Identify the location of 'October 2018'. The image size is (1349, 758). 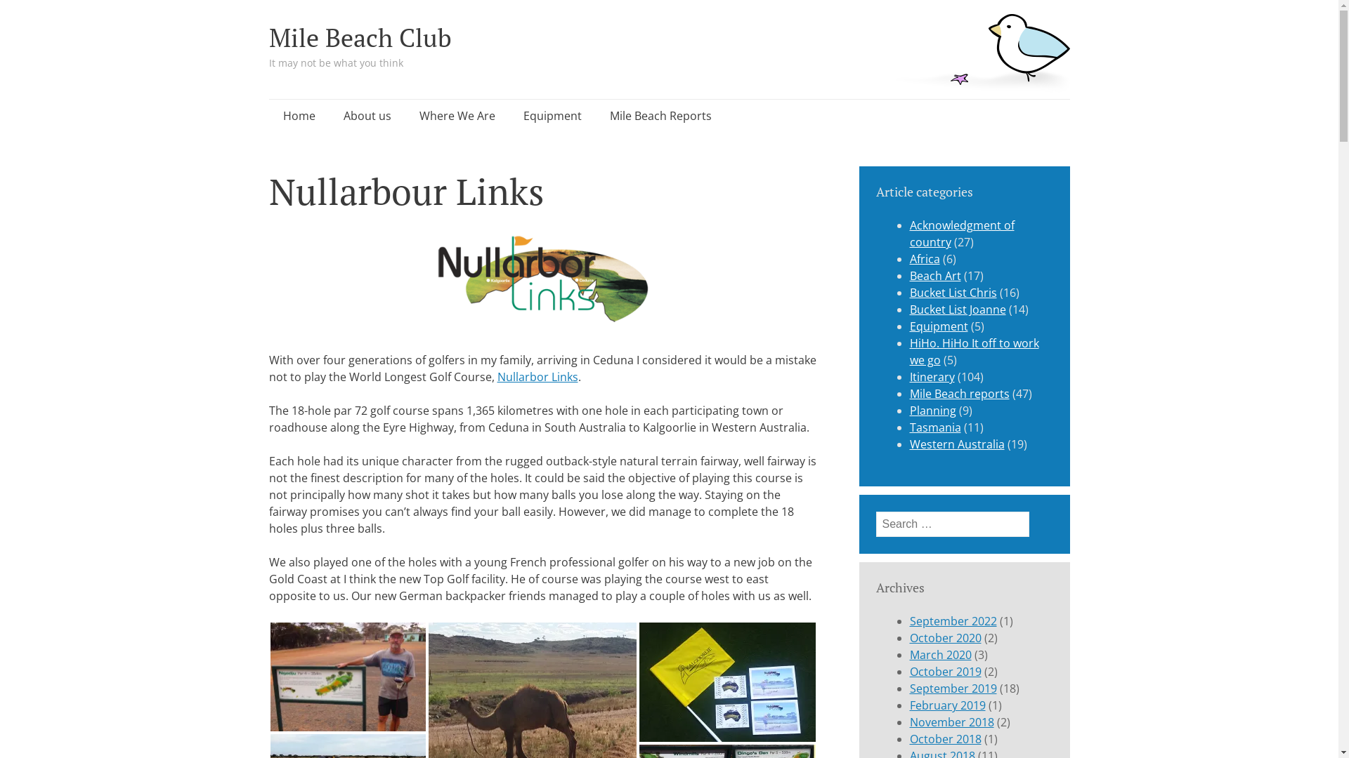
(944, 738).